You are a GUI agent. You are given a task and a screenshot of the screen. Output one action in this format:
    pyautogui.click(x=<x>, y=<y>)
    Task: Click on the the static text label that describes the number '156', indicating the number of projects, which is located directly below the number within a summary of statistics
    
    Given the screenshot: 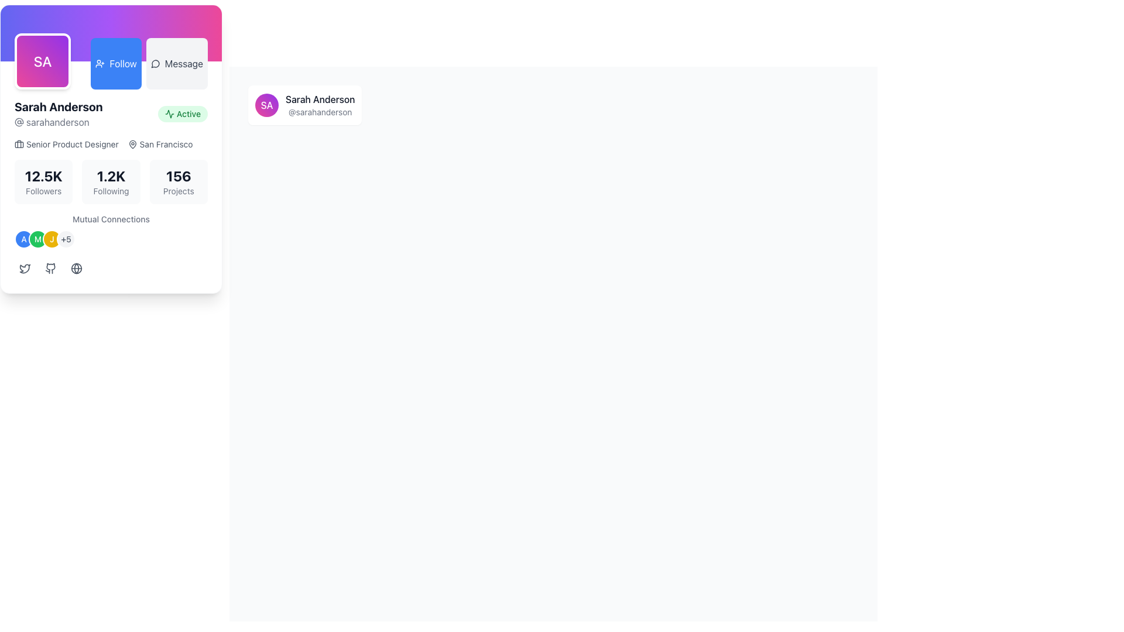 What is the action you would take?
    pyautogui.click(x=178, y=191)
    